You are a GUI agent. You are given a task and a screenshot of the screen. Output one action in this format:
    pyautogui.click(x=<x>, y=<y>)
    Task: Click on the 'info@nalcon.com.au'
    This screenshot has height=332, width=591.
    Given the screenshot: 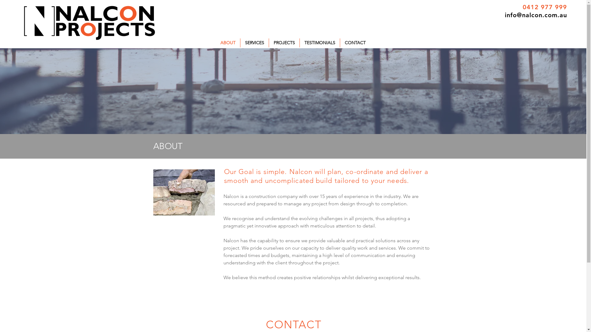 What is the action you would take?
    pyautogui.click(x=505, y=15)
    